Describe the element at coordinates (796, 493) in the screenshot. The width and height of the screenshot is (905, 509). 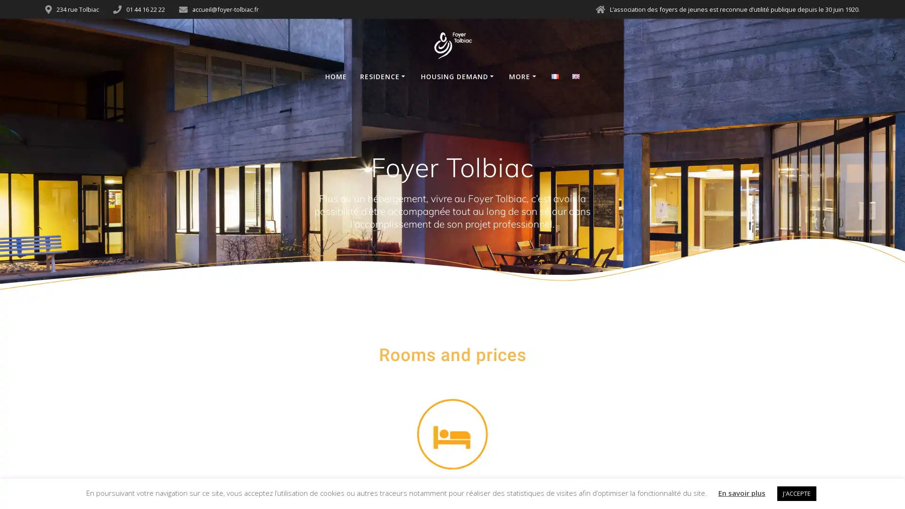
I see `J'ACCEPTE` at that location.